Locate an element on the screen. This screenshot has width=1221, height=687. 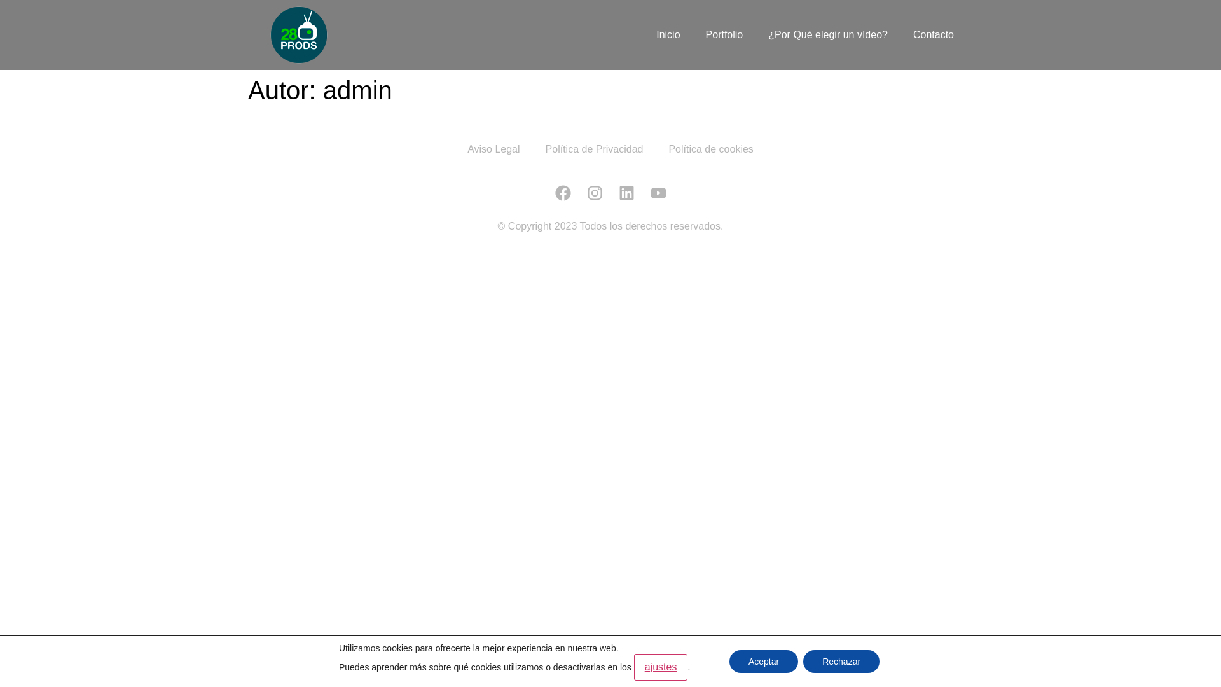
'Aviso Legal' is located at coordinates (455, 149).